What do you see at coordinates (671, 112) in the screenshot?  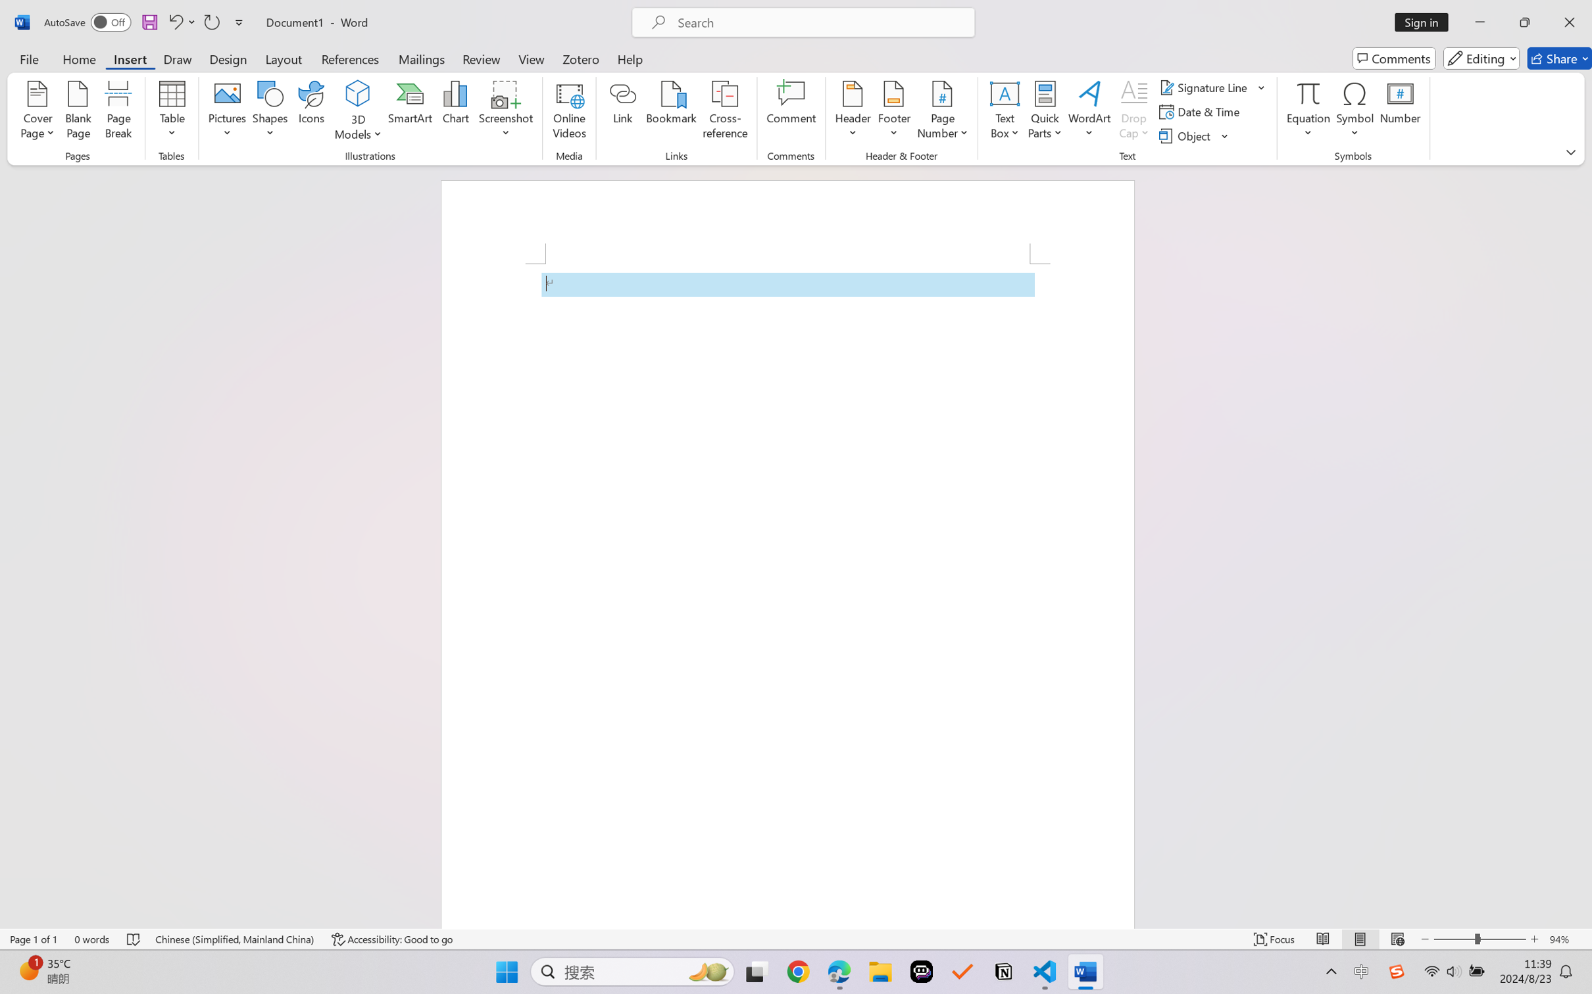 I see `'Bookmark...'` at bounding box center [671, 112].